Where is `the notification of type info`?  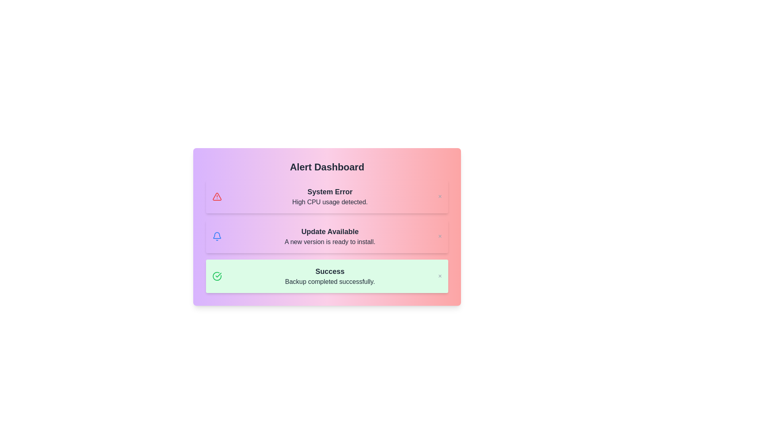 the notification of type info is located at coordinates (327, 236).